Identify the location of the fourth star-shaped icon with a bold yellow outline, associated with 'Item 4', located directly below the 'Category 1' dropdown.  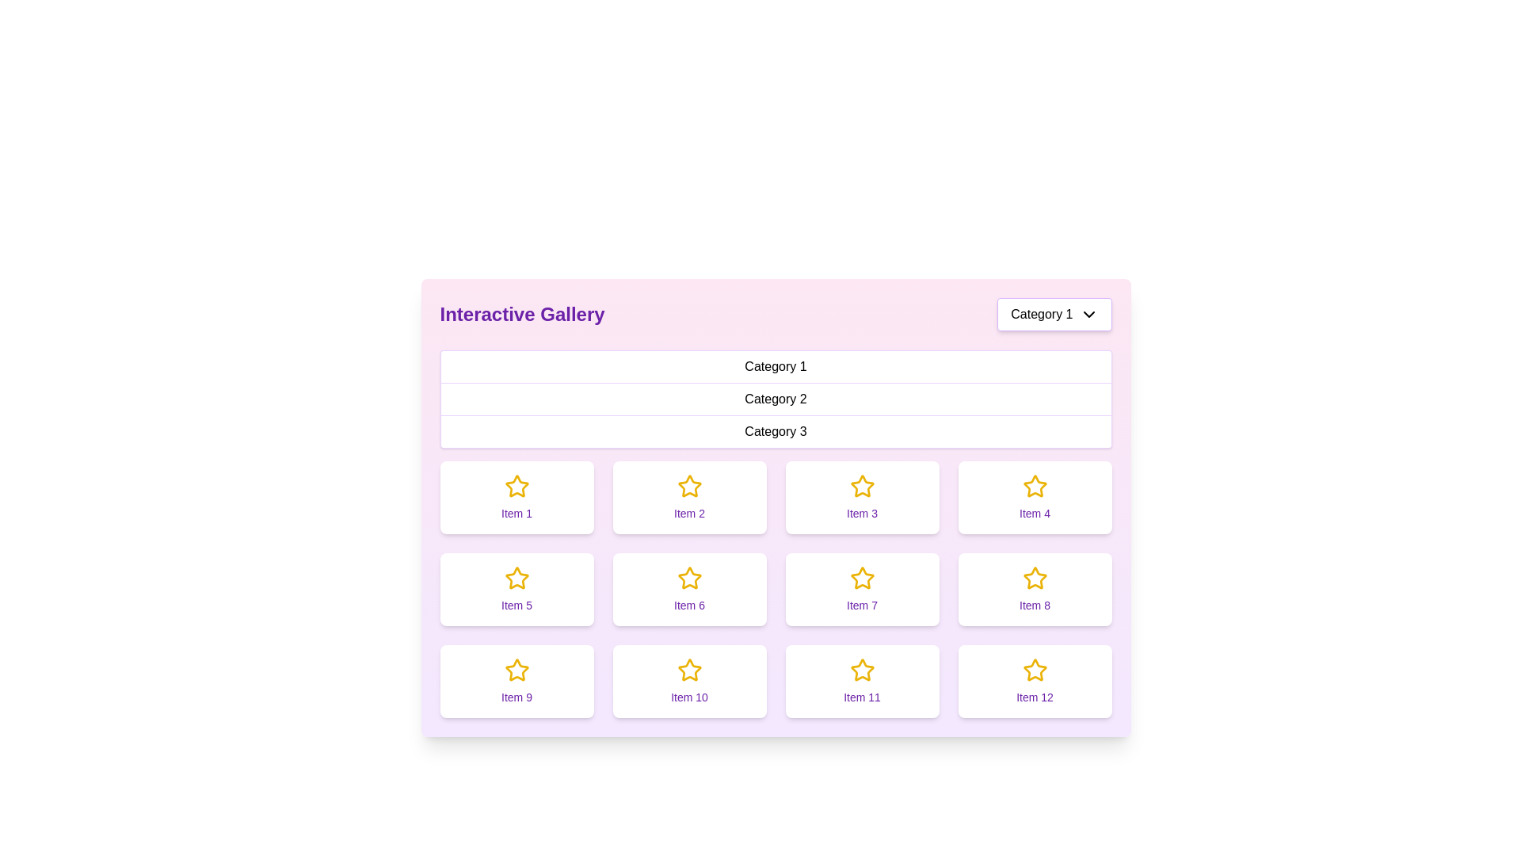
(1035, 485).